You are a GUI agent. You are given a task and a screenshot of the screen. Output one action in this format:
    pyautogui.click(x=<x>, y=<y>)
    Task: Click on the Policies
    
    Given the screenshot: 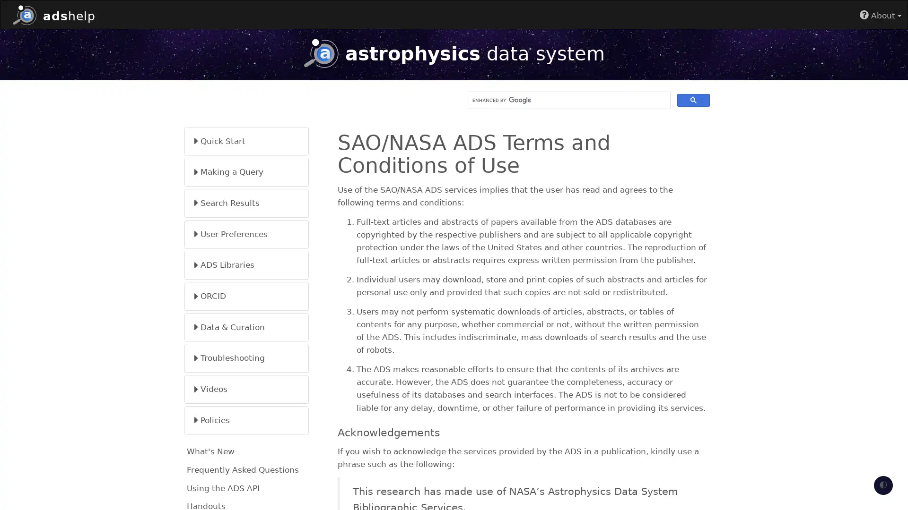 What is the action you would take?
    pyautogui.click(x=246, y=419)
    